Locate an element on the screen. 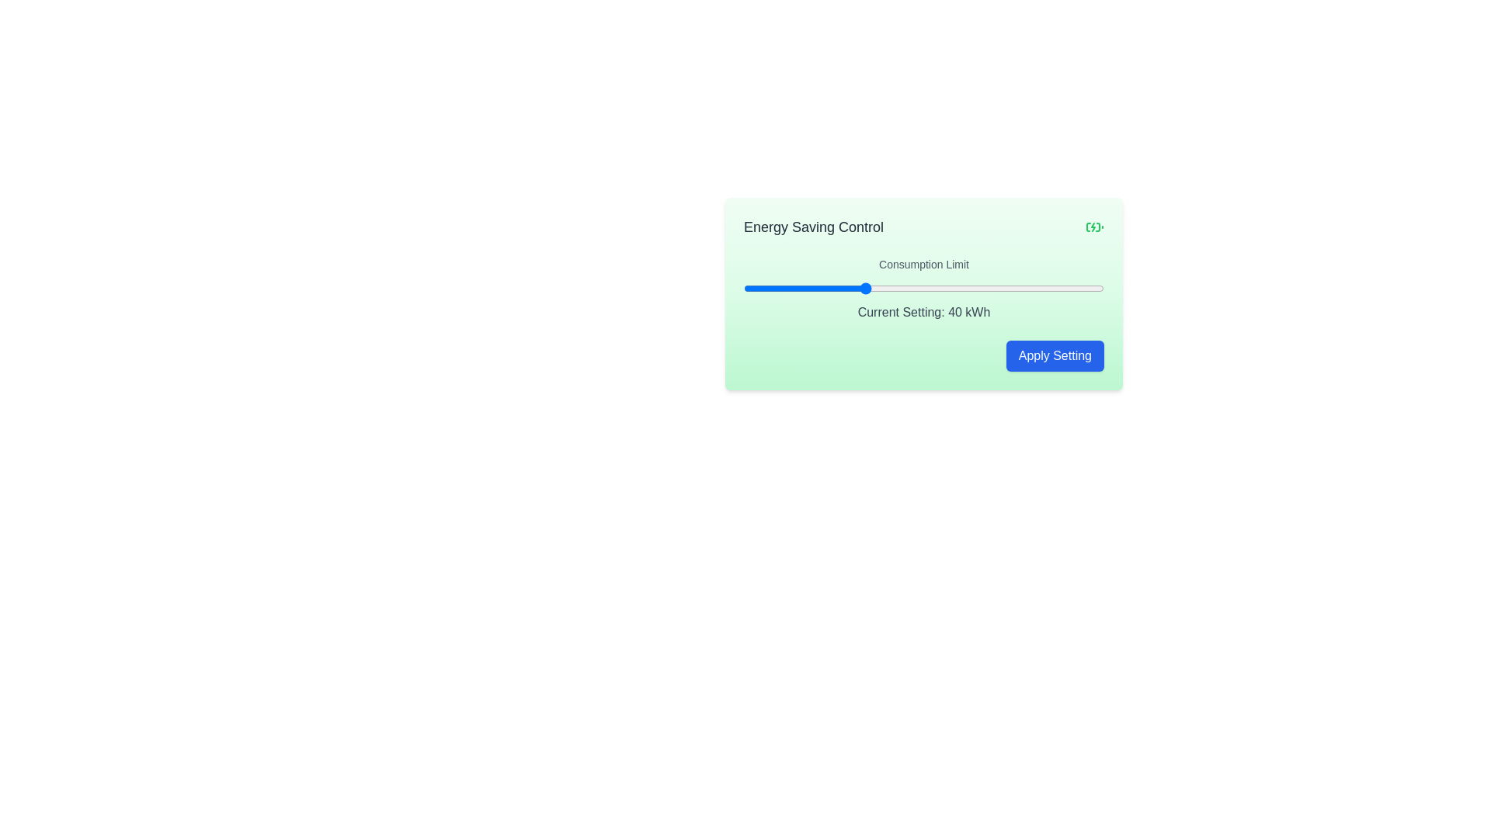 The height and width of the screenshot is (838, 1491). the 'Battery Charging' icon to trigger a tooltip or feedback is located at coordinates (1094, 227).